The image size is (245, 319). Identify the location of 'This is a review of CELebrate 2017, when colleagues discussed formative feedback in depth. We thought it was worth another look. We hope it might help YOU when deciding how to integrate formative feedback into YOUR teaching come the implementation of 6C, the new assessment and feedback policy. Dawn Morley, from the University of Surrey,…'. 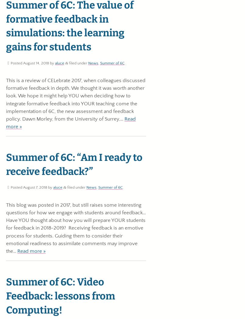
(75, 100).